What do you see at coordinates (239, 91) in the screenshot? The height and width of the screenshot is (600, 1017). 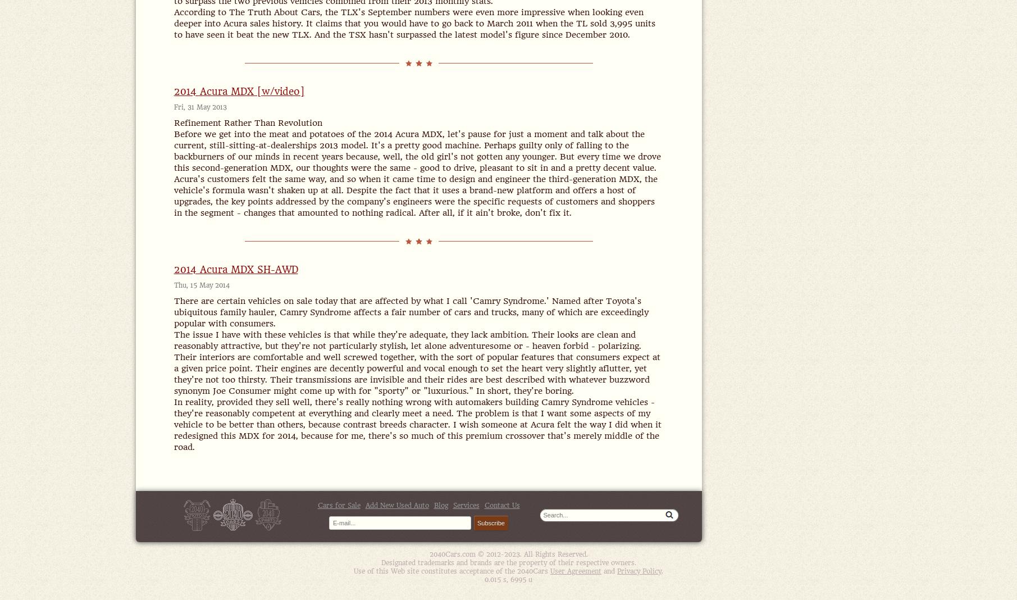 I see `'2014 Acura MDX [w/video]'` at bounding box center [239, 91].